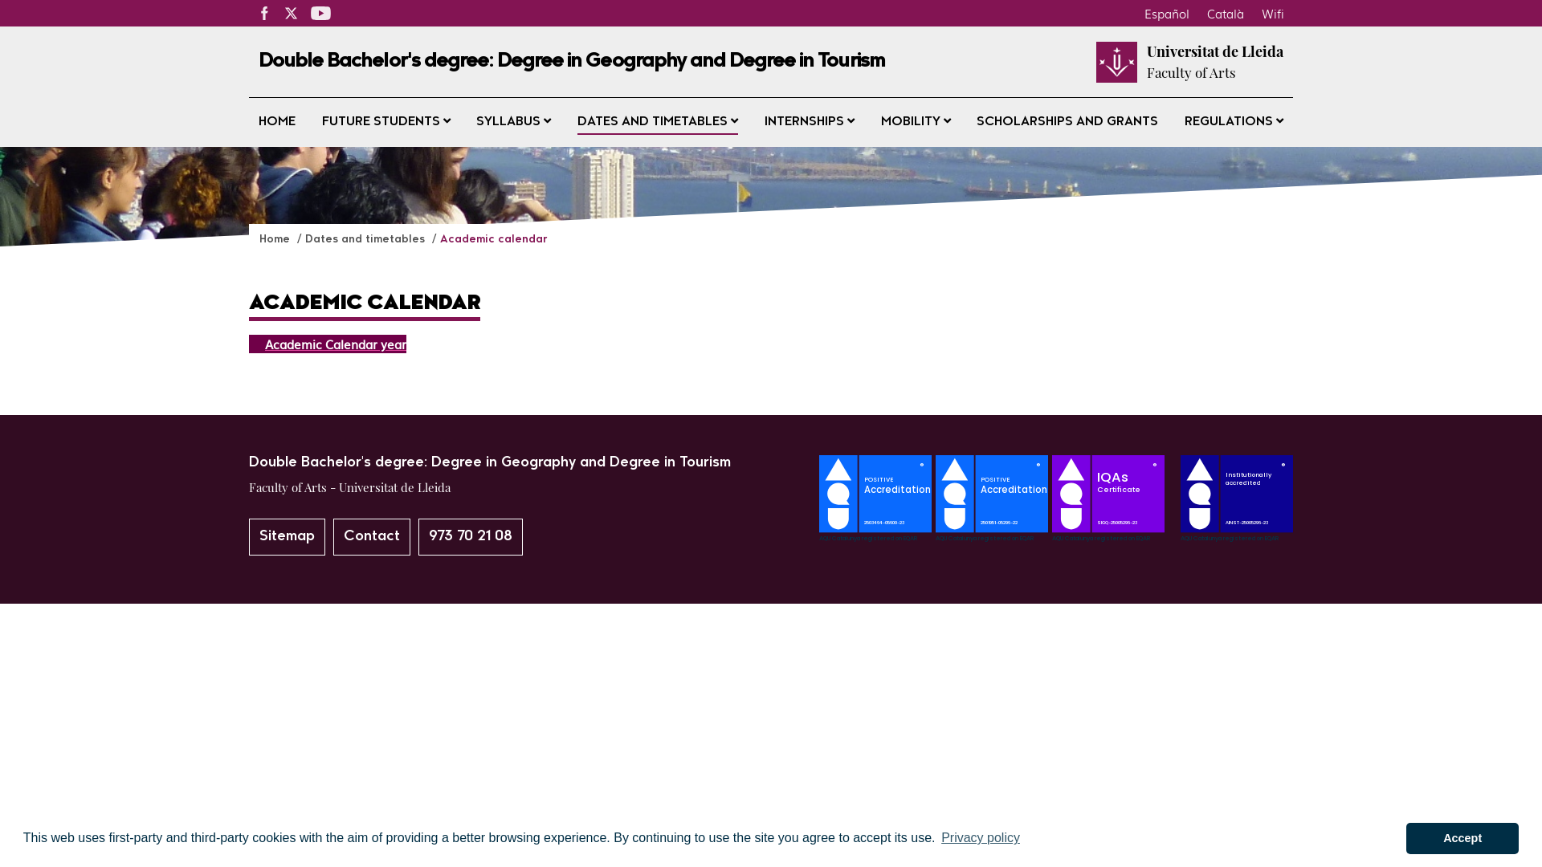 Image resolution: width=1542 pixels, height=867 pixels. Describe the element at coordinates (385, 121) in the screenshot. I see `'FUTURE STUDENTS'` at that location.